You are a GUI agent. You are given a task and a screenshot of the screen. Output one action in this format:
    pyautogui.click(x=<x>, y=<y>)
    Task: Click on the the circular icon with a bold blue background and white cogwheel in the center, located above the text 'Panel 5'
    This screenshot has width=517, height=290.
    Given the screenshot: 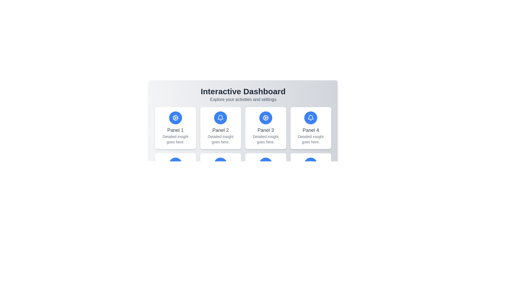 What is the action you would take?
    pyautogui.click(x=175, y=164)
    